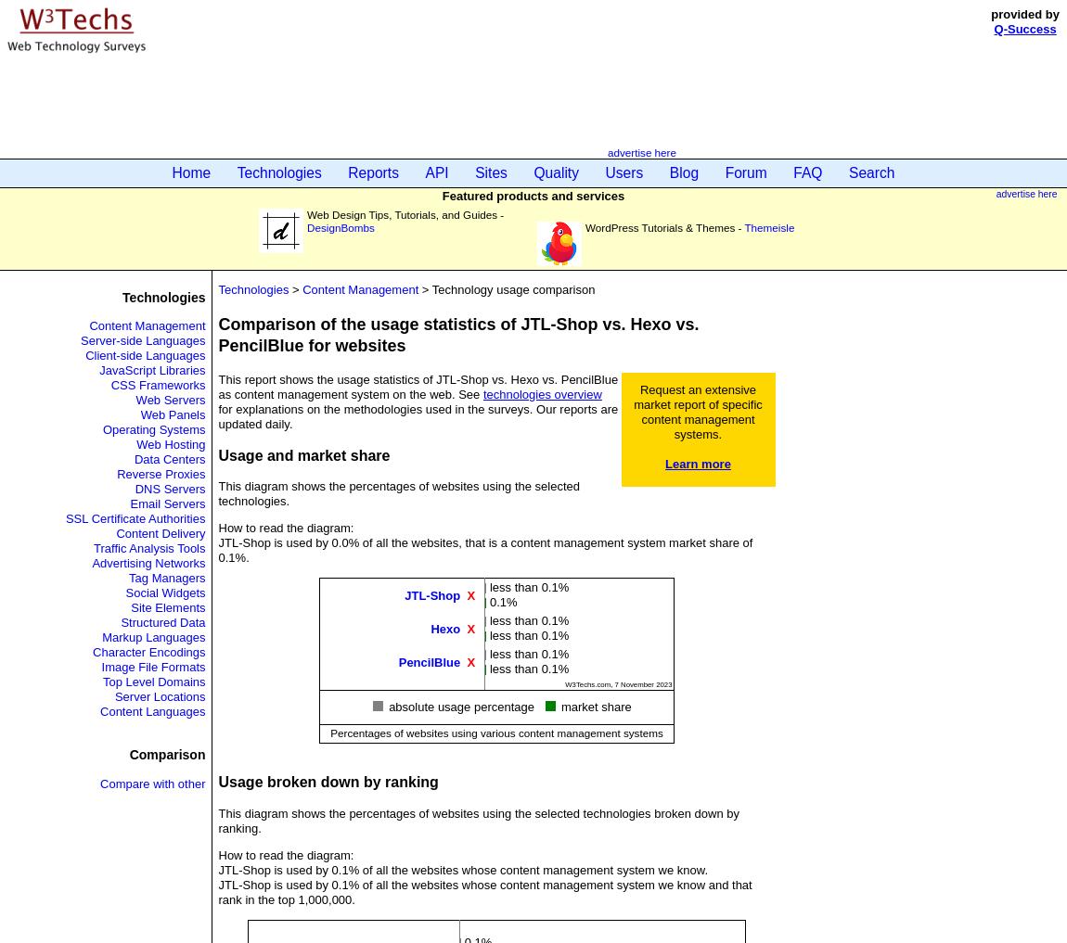 The width and height of the screenshot is (1067, 943). What do you see at coordinates (148, 651) in the screenshot?
I see `'Character Encodings'` at bounding box center [148, 651].